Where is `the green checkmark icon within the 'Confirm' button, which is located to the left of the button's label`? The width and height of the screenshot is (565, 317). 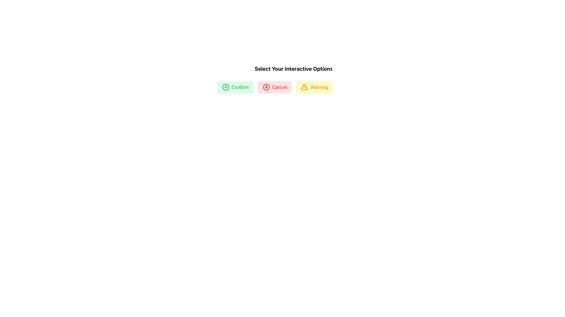 the green checkmark icon within the 'Confirm' button, which is located to the left of the button's label is located at coordinates (225, 87).